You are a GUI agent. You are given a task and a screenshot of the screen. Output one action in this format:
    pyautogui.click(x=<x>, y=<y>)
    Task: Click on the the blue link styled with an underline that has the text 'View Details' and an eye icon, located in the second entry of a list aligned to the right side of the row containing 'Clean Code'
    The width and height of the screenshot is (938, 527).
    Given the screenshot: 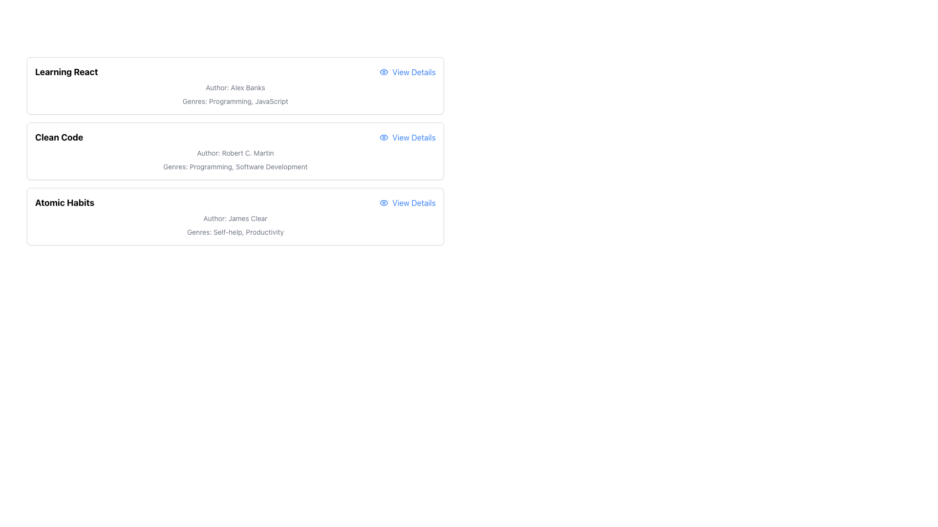 What is the action you would take?
    pyautogui.click(x=407, y=137)
    